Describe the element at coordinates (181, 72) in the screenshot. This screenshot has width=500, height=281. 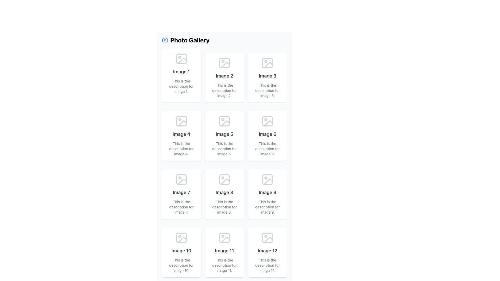
I see `on the text label displaying 'Image 1' in bold font, located below the camera icon in the top-left card of the grid layout` at that location.